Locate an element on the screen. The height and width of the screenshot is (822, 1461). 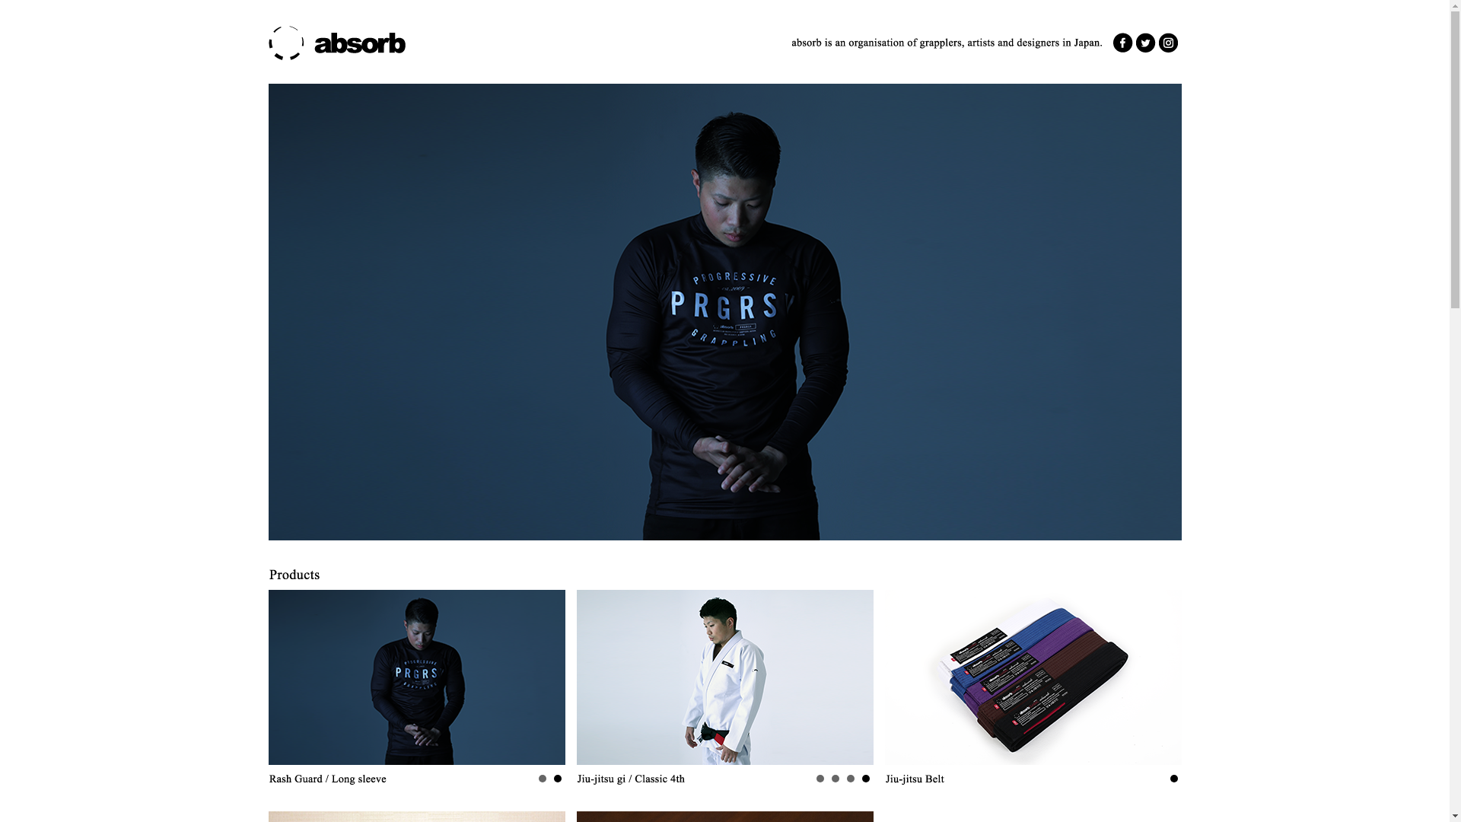
'4' is located at coordinates (818, 778).